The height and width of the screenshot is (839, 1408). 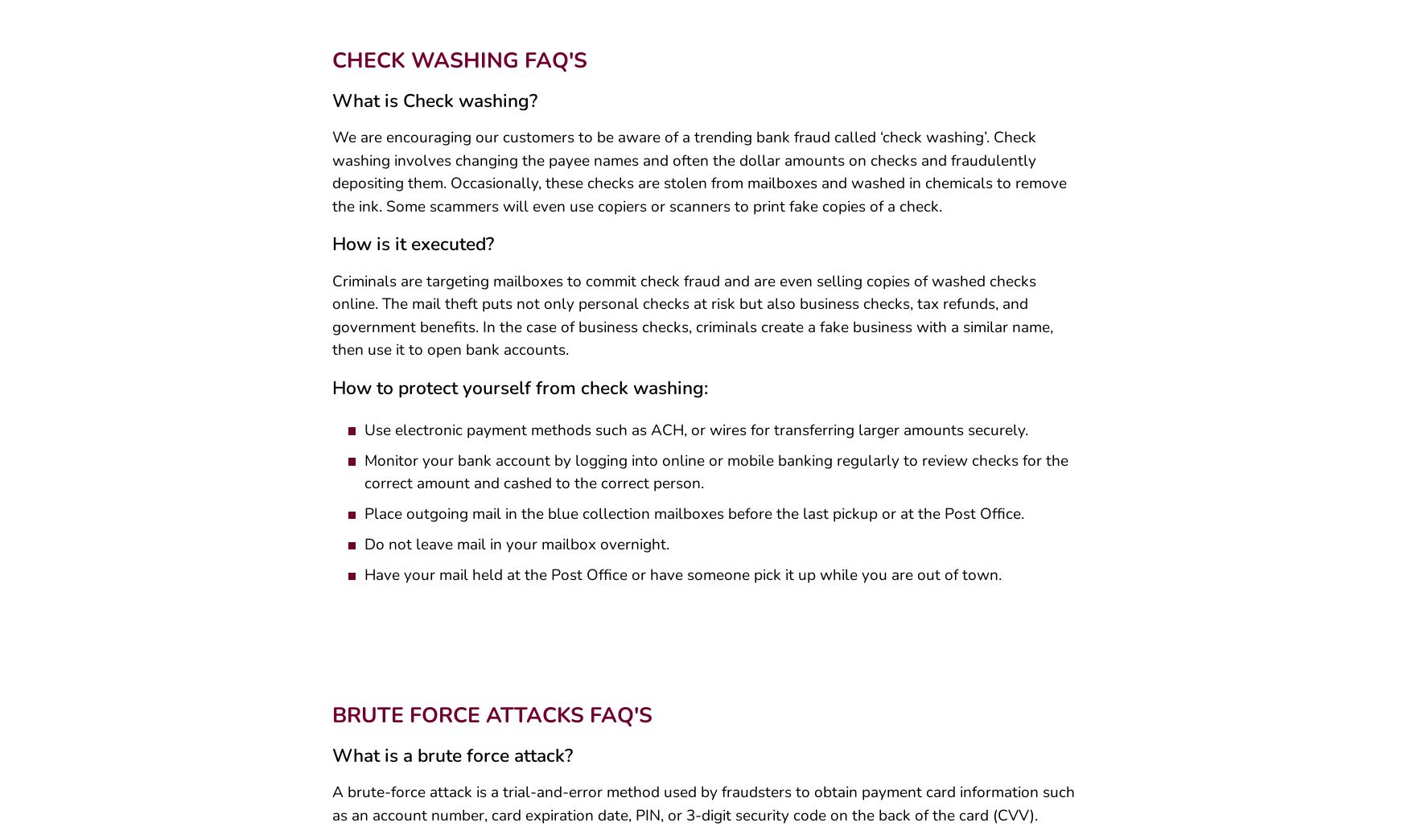 I want to click on 'Brute Force Attacks FAQ's', so click(x=491, y=720).